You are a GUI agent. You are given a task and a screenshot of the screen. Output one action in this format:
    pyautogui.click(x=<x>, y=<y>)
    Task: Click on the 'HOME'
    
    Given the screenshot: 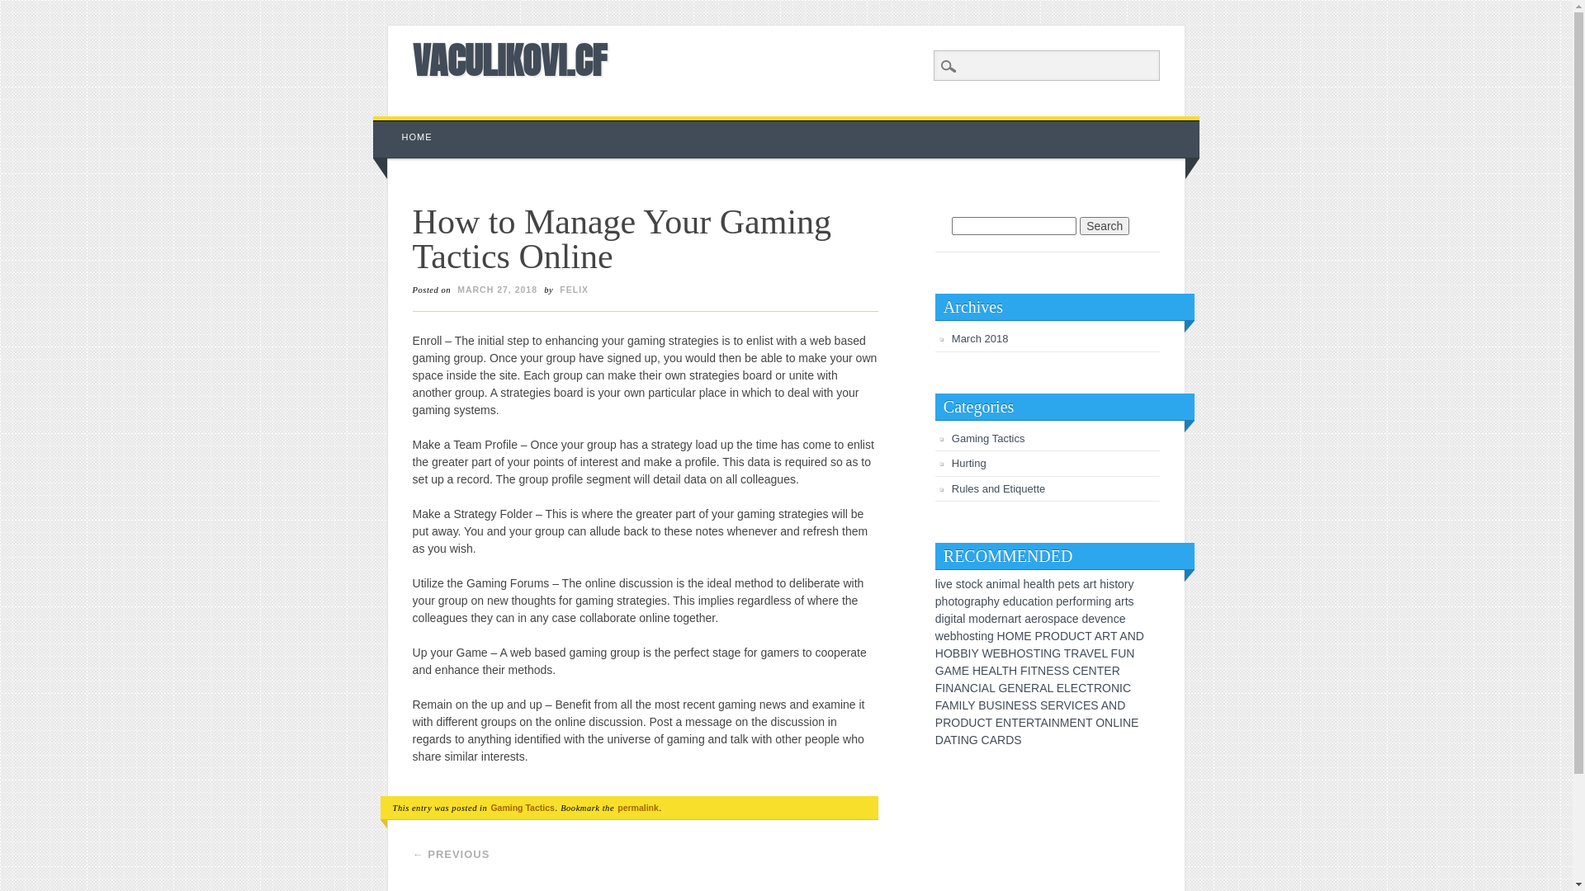 What is the action you would take?
    pyautogui.click(x=384, y=136)
    